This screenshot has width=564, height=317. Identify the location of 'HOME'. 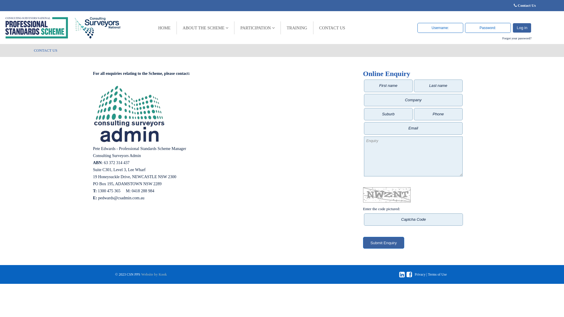
(164, 28).